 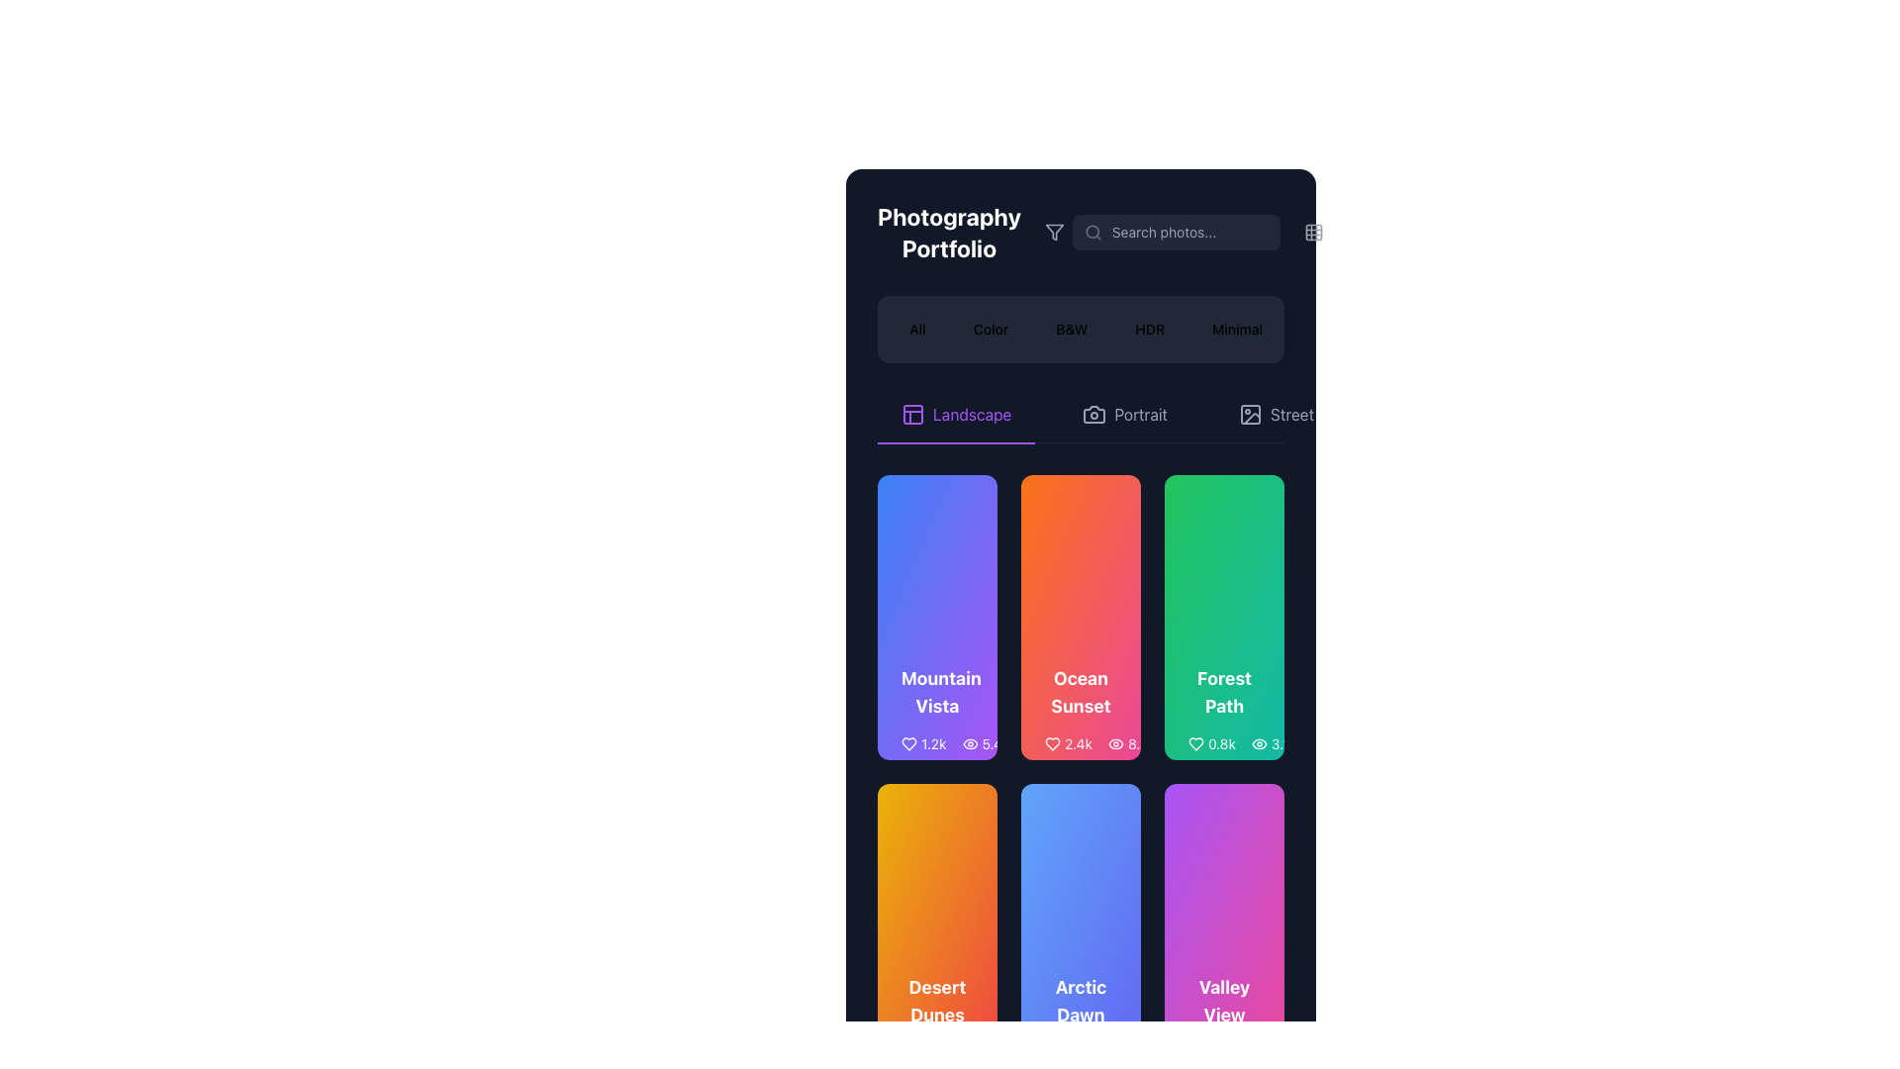 What do you see at coordinates (956, 415) in the screenshot?
I see `the 'Landscape' filter button, which is a text label styled in purple with an icon resembling a layout or grid, positioned over a dark background and underlined for emphasis` at bounding box center [956, 415].